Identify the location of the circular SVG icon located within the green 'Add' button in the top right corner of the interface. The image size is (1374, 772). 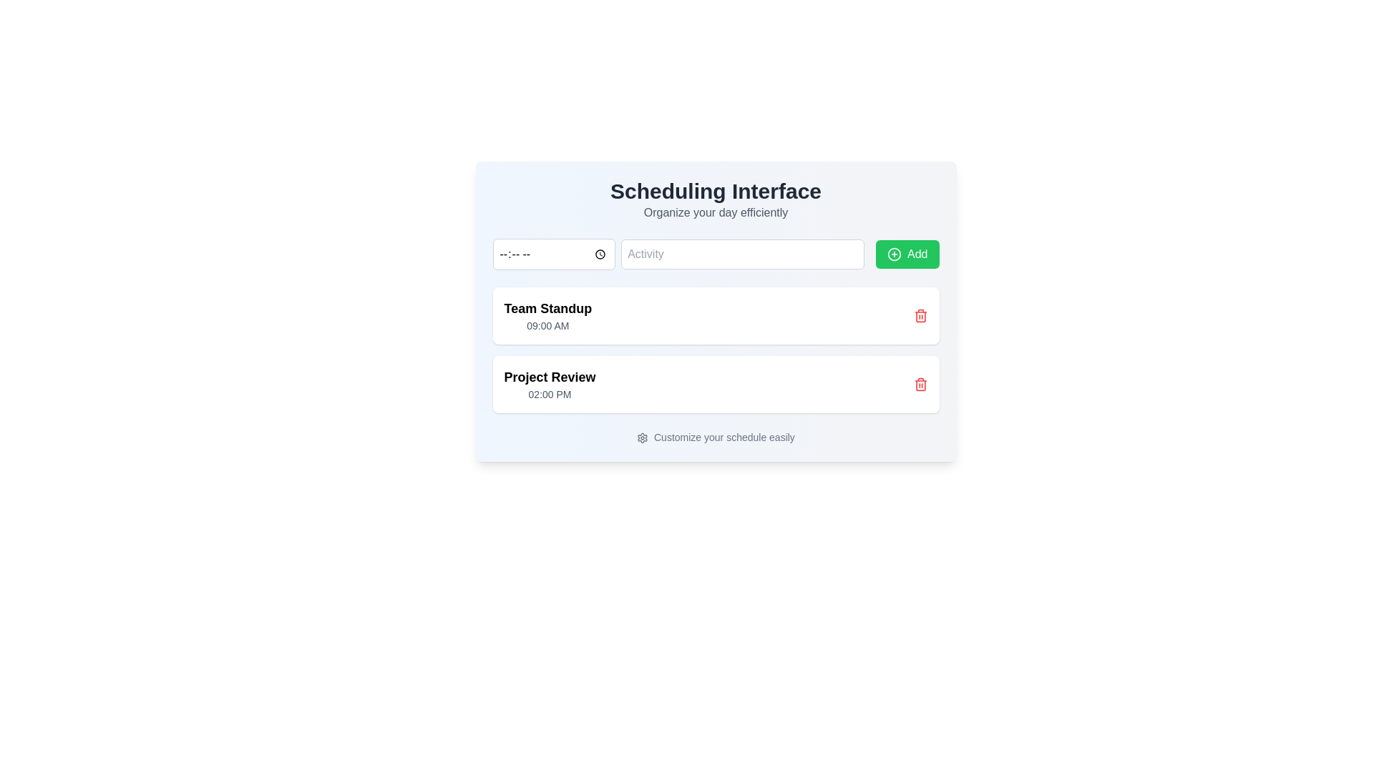
(893, 253).